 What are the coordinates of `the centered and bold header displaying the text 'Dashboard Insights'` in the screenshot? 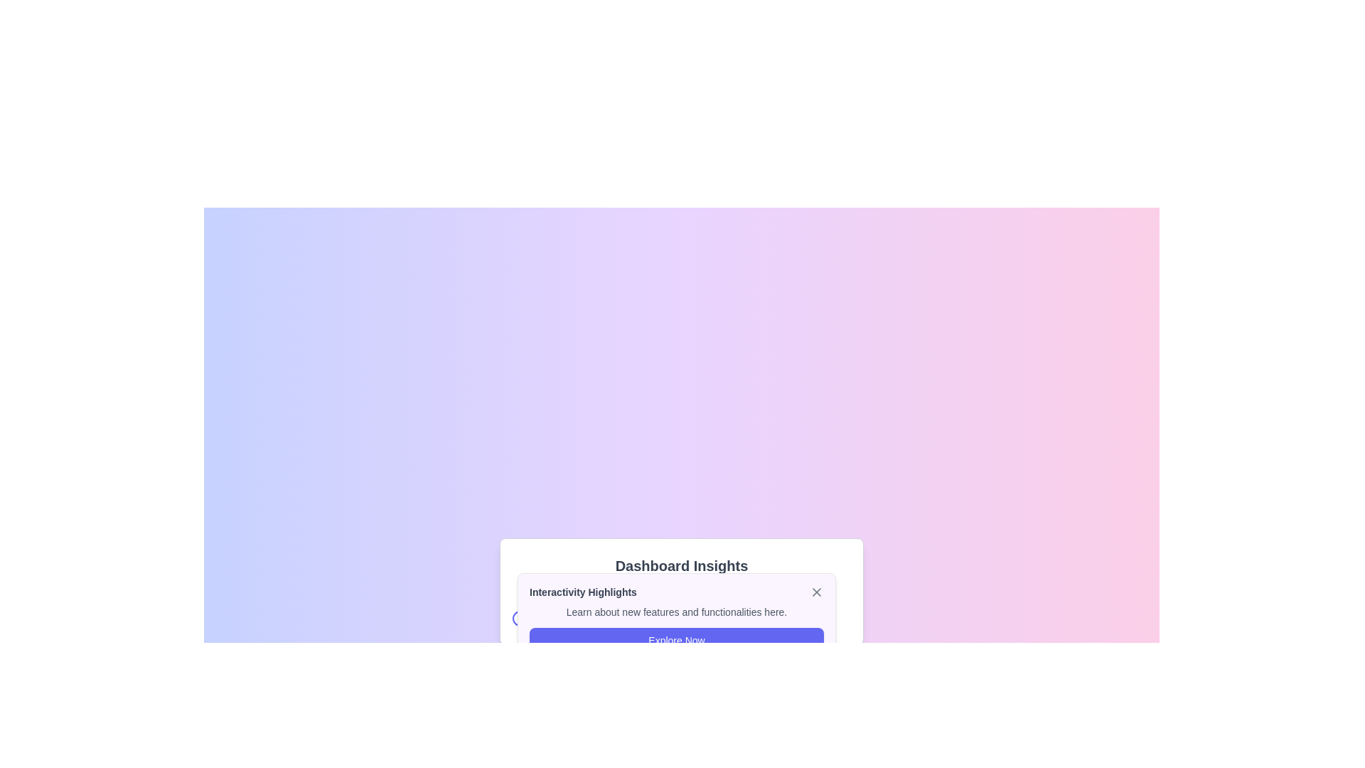 It's located at (681, 565).